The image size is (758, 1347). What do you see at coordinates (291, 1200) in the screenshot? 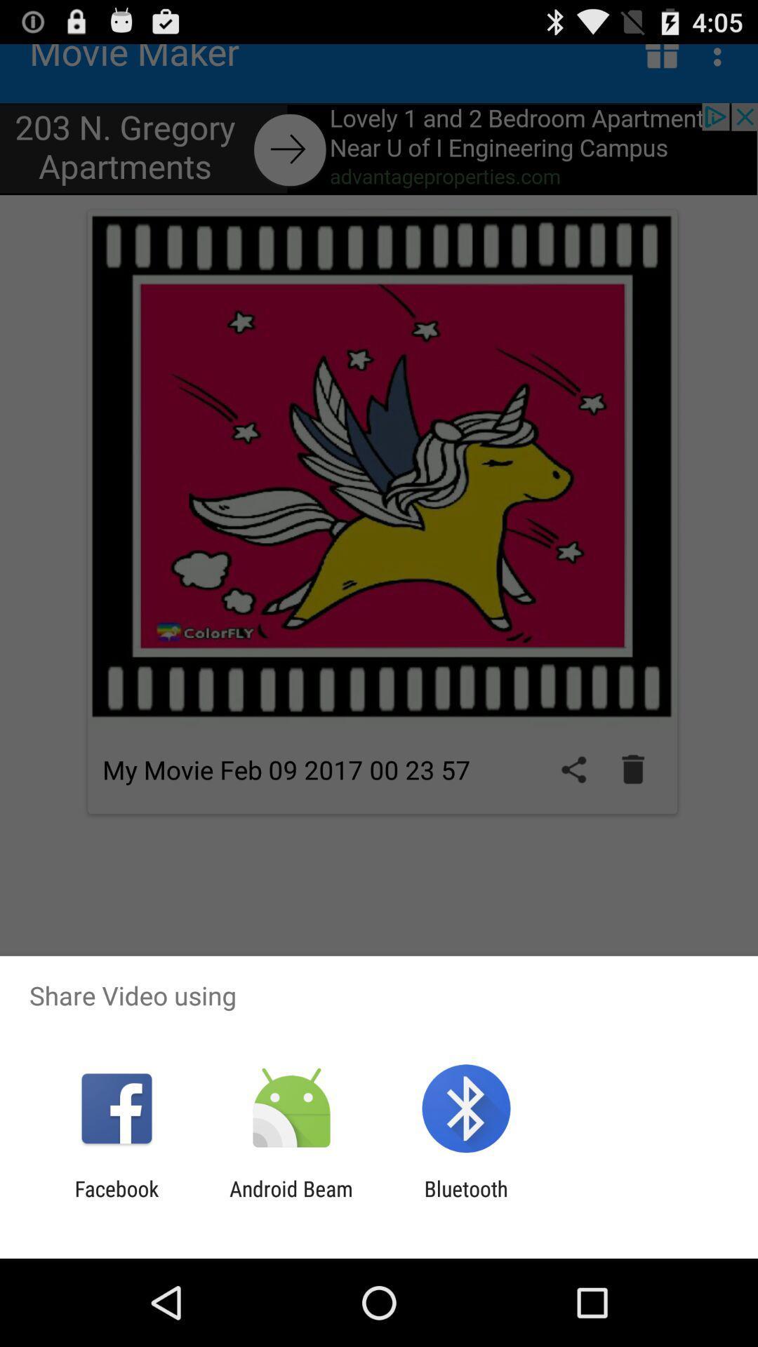
I see `item to the right of facebook icon` at bounding box center [291, 1200].